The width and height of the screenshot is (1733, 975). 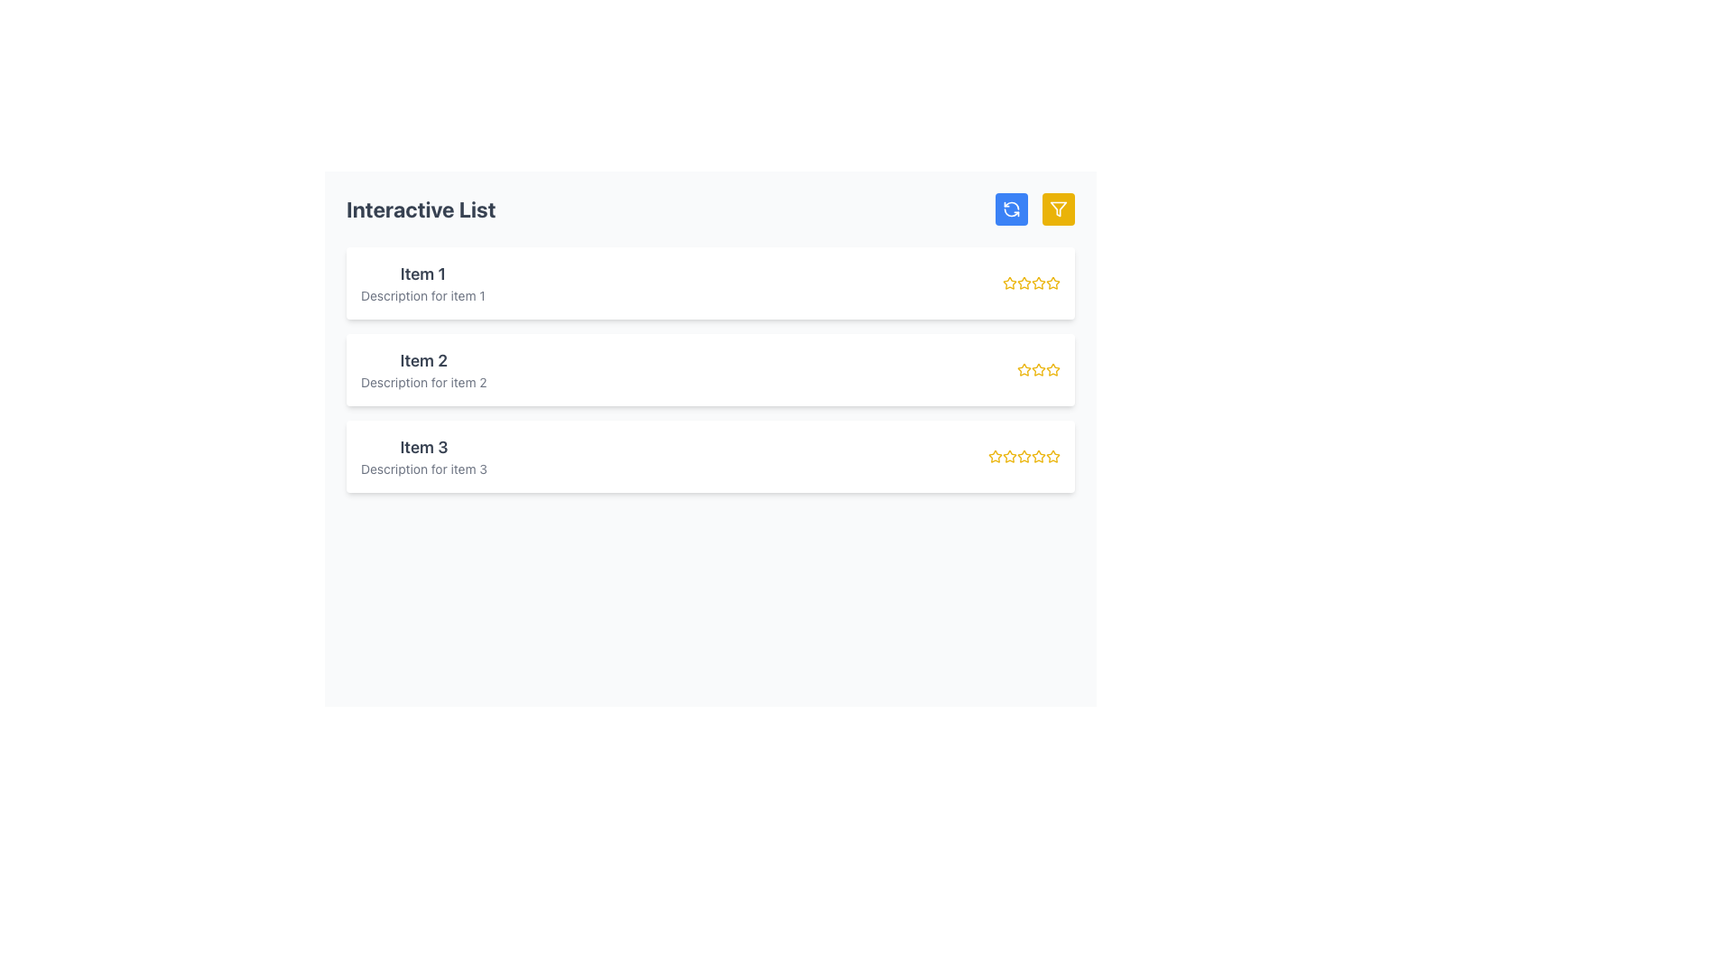 What do you see at coordinates (1038, 282) in the screenshot?
I see `the third yellow star icon to rate 'Item 1' in the interactive list` at bounding box center [1038, 282].